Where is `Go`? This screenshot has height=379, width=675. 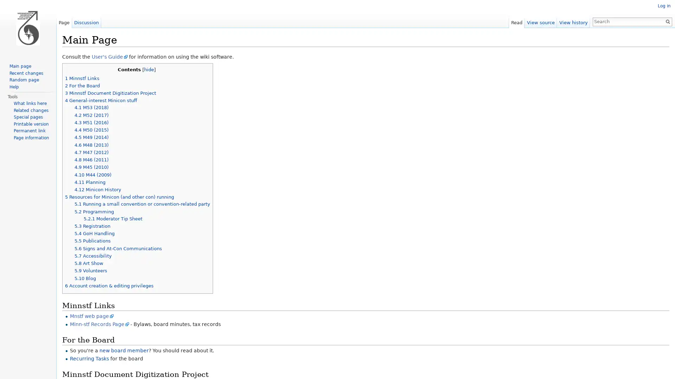 Go is located at coordinates (664, 21).